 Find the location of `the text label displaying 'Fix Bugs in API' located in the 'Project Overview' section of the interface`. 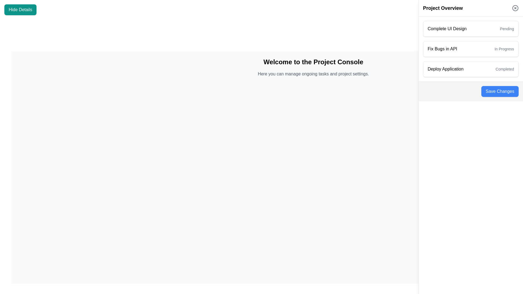

the text label displaying 'Fix Bugs in API' located in the 'Project Overview' section of the interface is located at coordinates (442, 49).